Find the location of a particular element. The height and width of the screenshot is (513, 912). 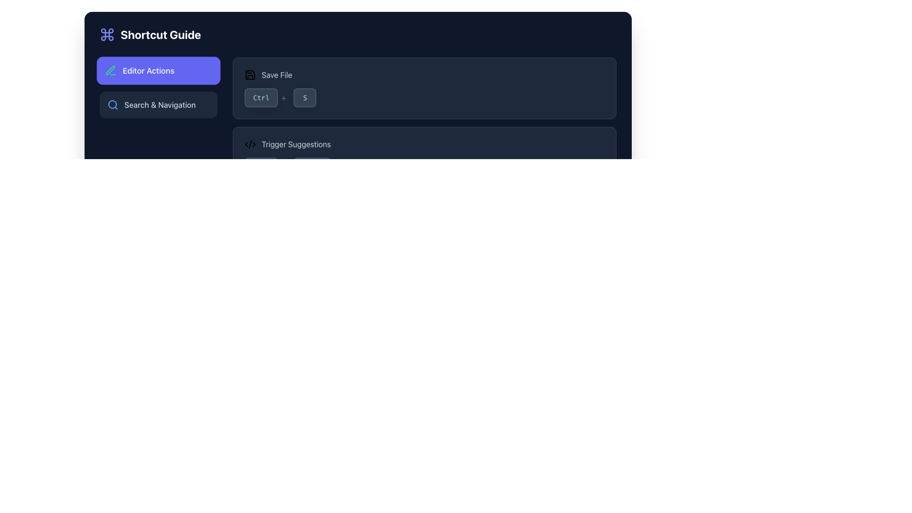

the 'Editor Actions' button is located at coordinates (159, 70).